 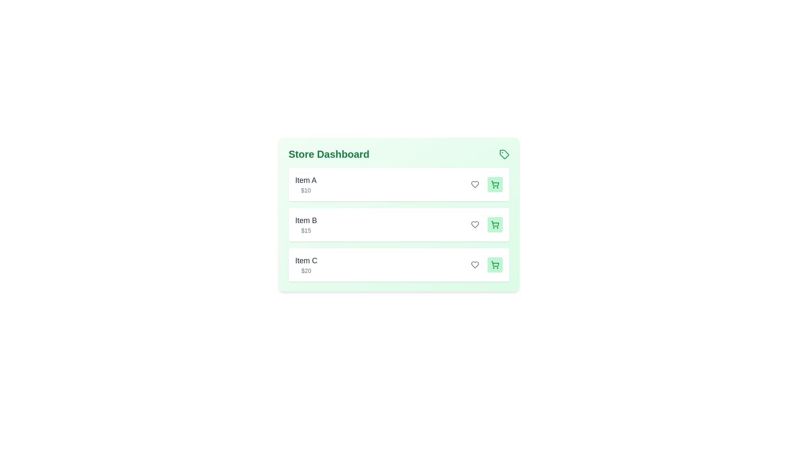 I want to click on the green circular button with a shopping cart icon, located to the right of 'Item B' in the 'Store Dashboard', so click(x=495, y=224).